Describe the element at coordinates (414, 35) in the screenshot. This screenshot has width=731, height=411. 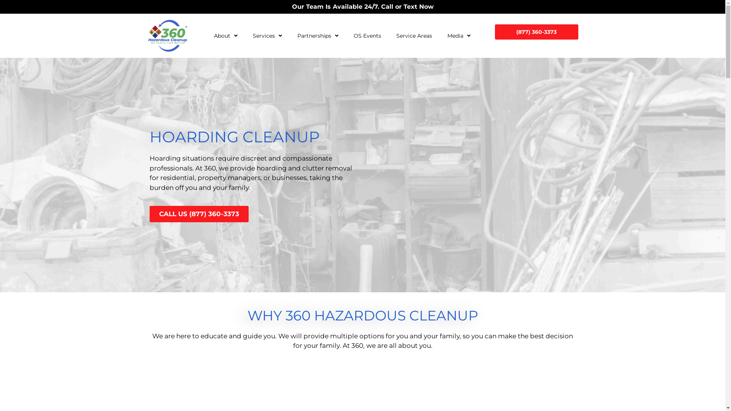
I see `'Service Areas'` at that location.